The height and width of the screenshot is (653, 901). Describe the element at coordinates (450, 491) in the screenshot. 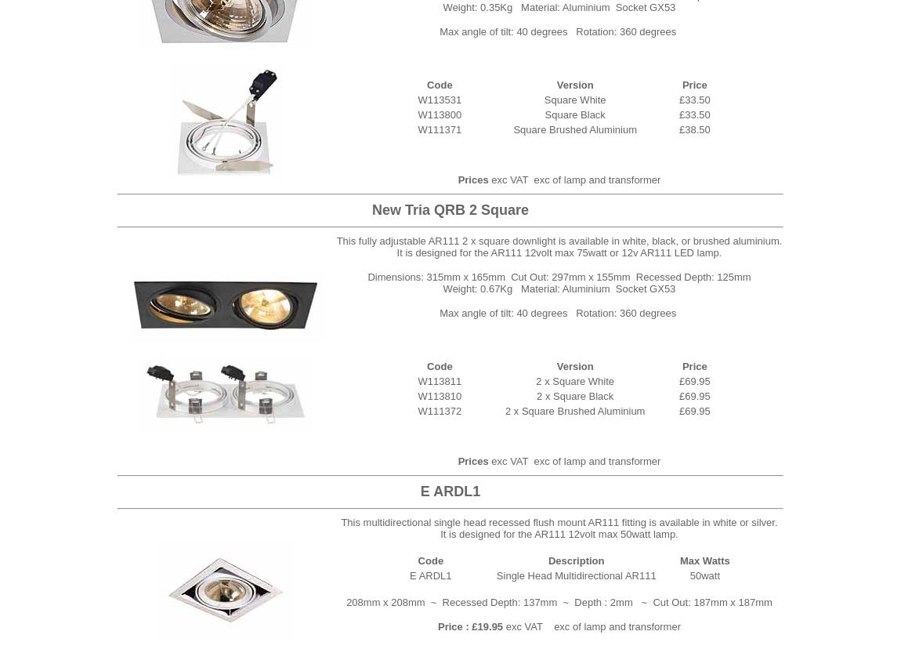

I see `'E 
        ARDL1'` at that location.